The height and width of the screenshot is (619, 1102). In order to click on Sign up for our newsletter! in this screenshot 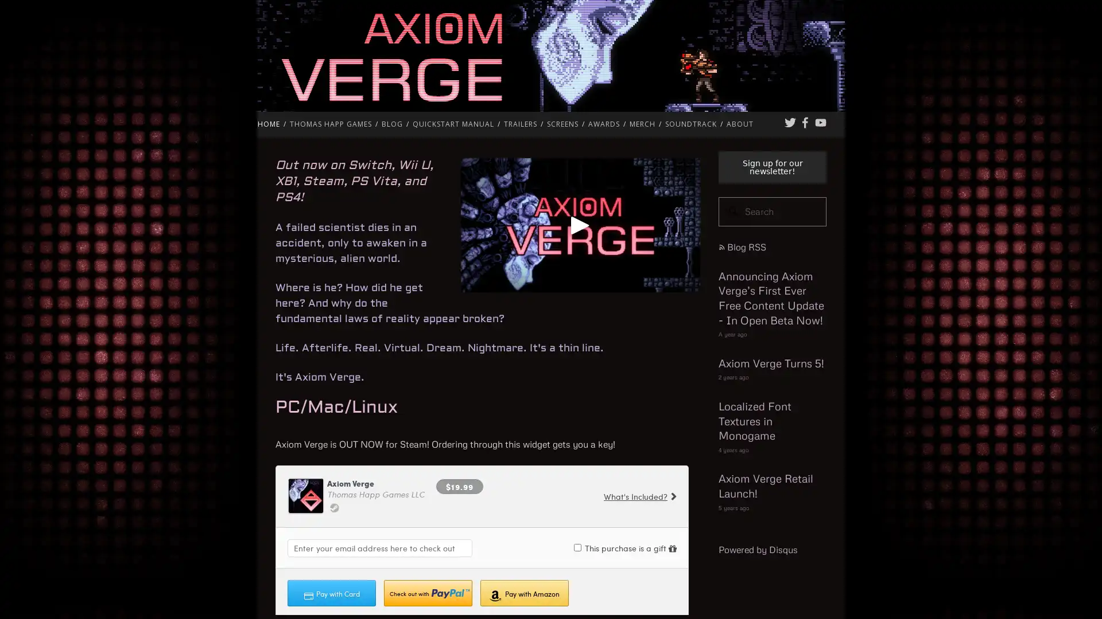, I will do `click(772, 166)`.